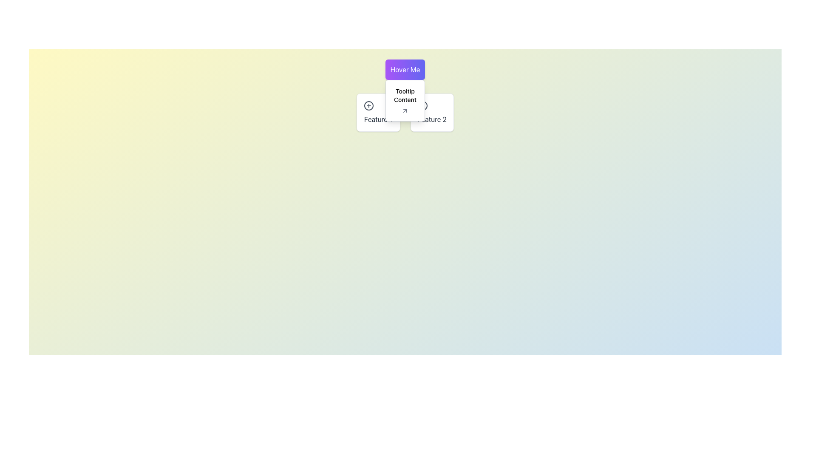 Image resolution: width=816 pixels, height=459 pixels. I want to click on the gray arrow icon pointing up and to the right, located within the tooltip box below the 'Hover Me' button, so click(405, 110).